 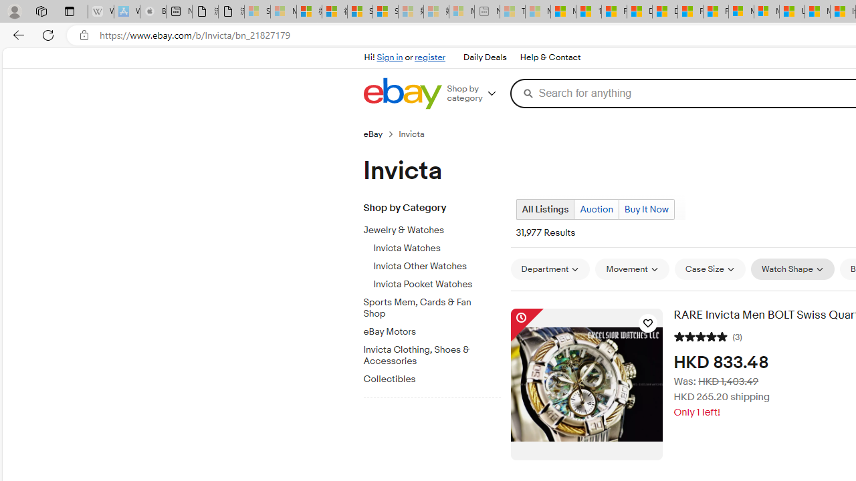 I want to click on 'Department', so click(x=550, y=269).